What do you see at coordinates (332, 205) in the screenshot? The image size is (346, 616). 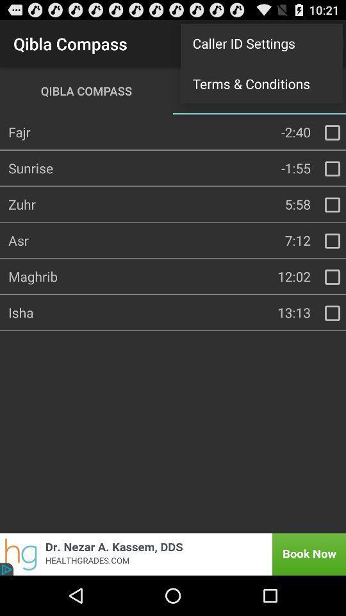 I see `selecting box` at bounding box center [332, 205].